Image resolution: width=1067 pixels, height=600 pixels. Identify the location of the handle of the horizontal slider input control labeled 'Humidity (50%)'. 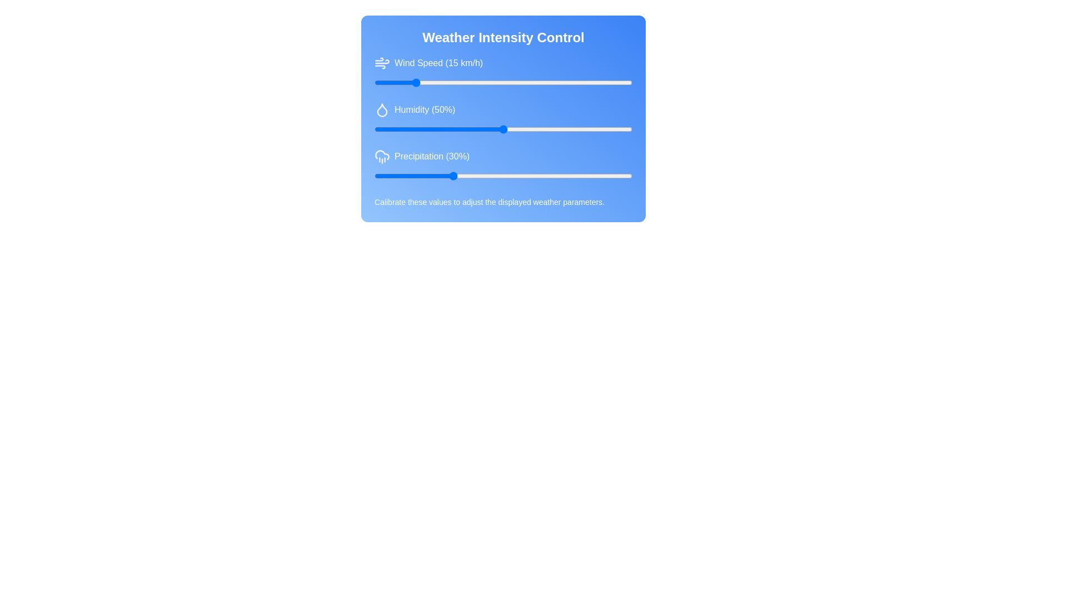
(503, 128).